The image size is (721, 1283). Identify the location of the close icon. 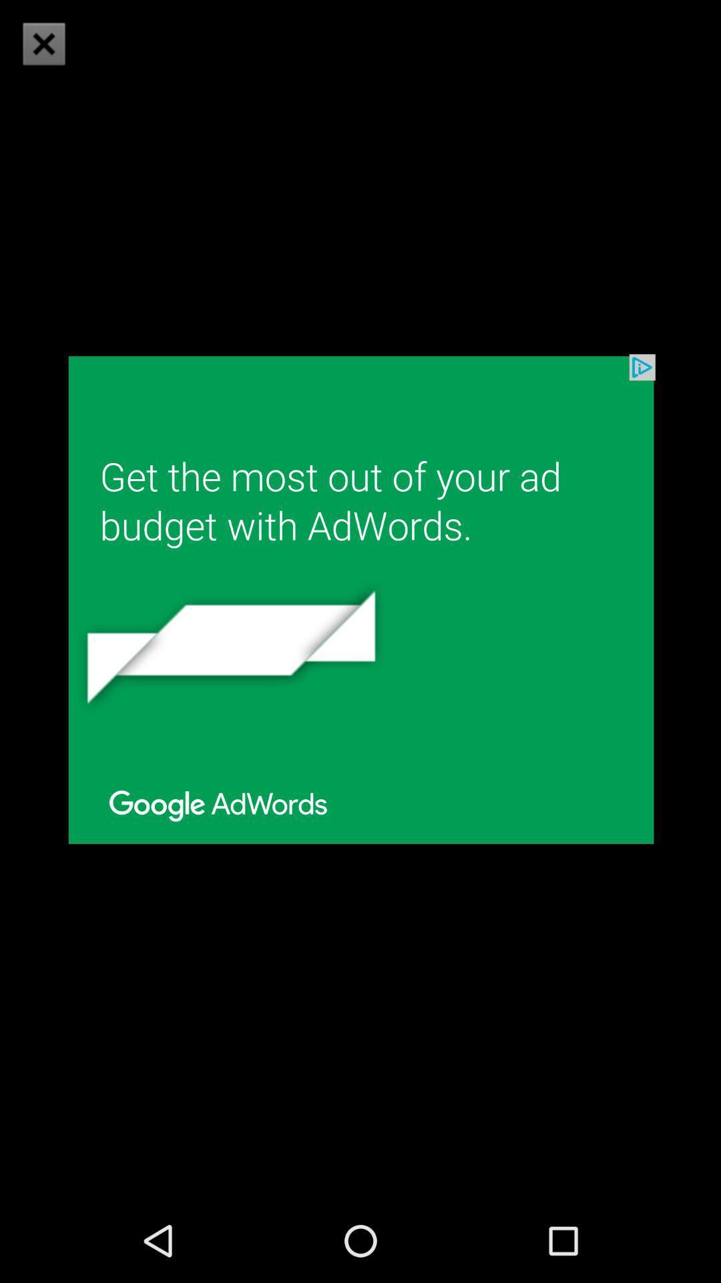
(43, 47).